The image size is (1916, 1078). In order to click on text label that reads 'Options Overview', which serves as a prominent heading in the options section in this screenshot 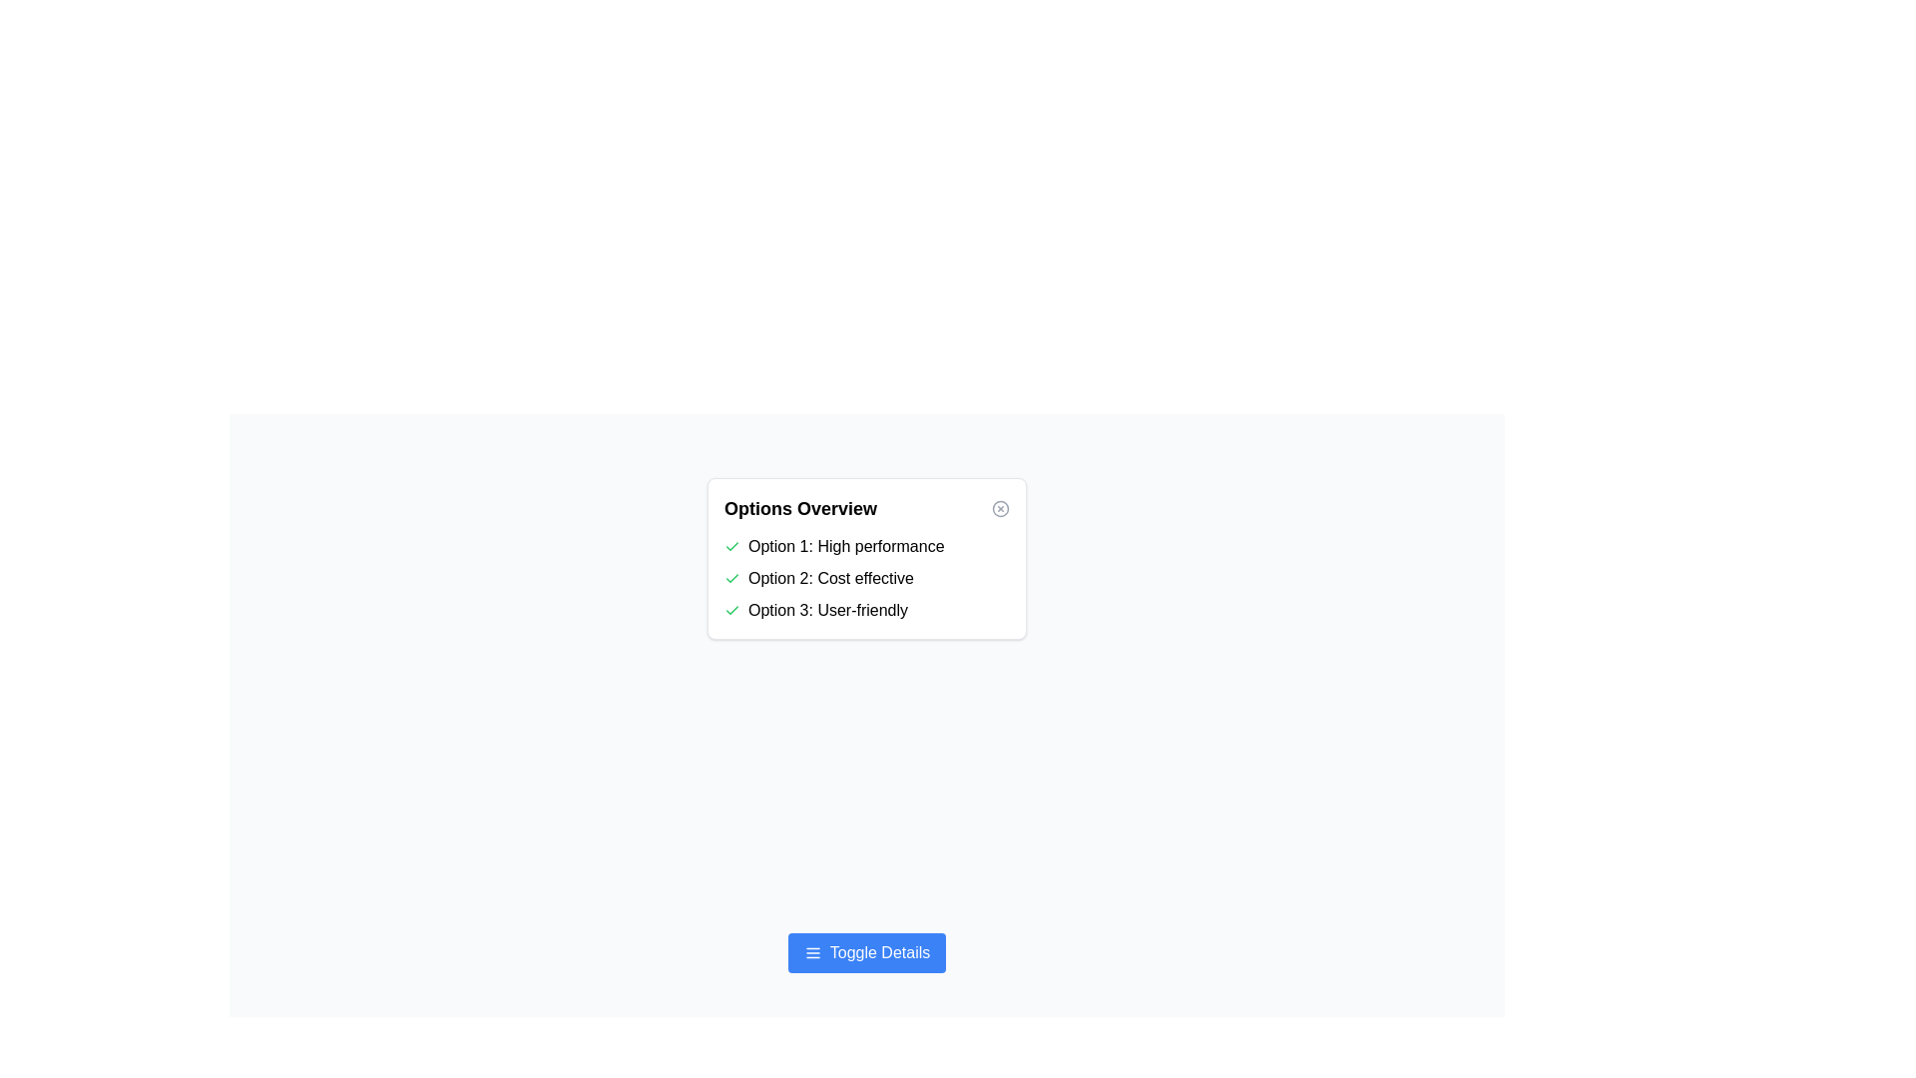, I will do `click(800, 507)`.